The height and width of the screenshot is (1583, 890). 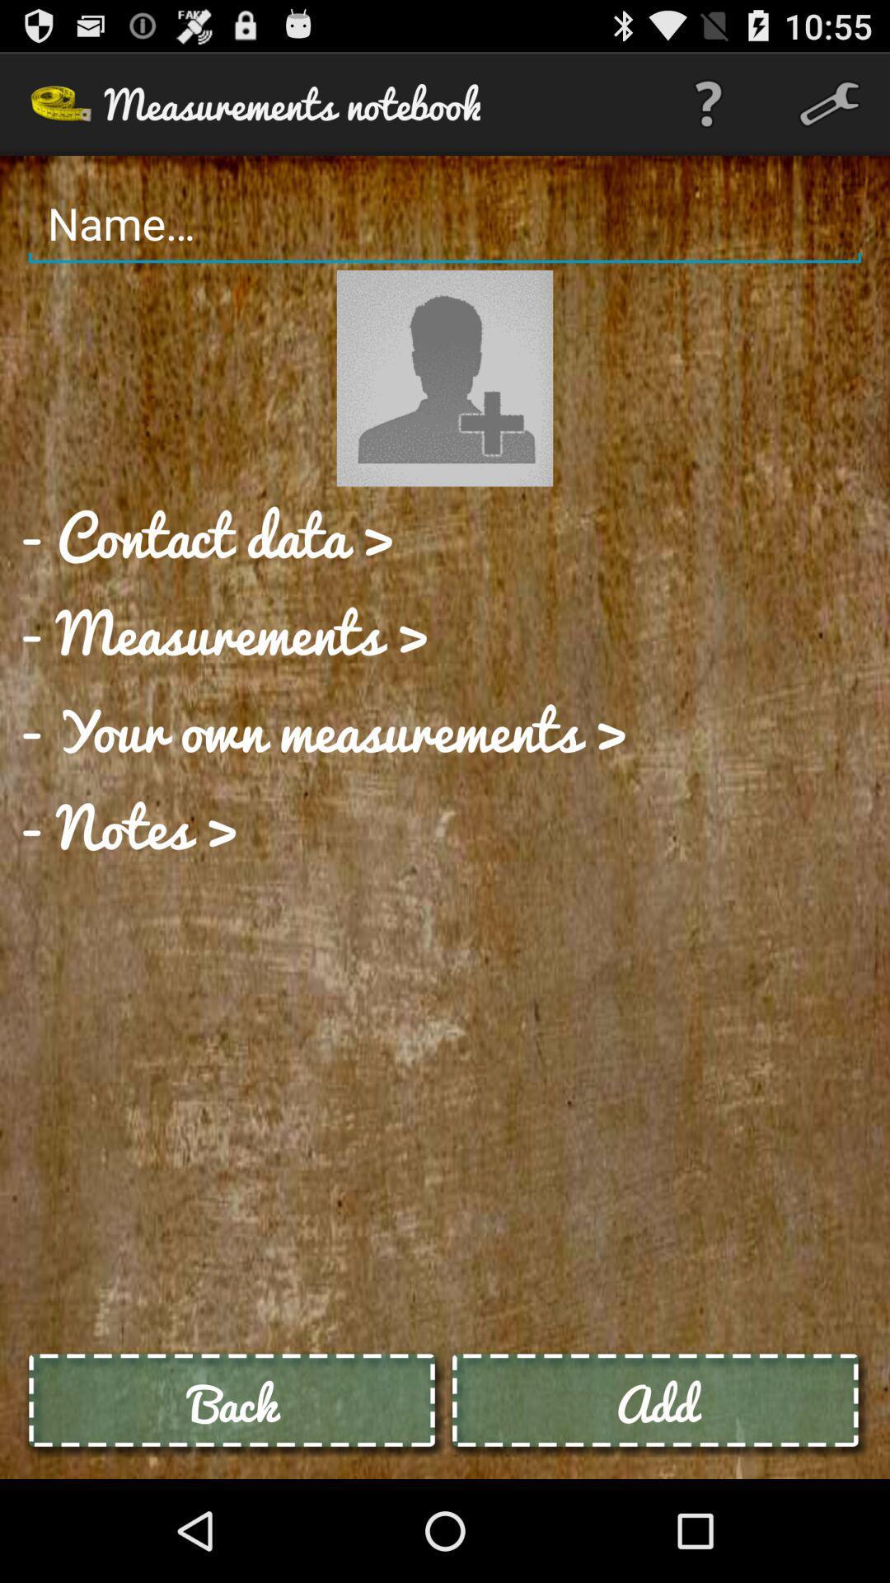 I want to click on app at the center, so click(x=324, y=728).